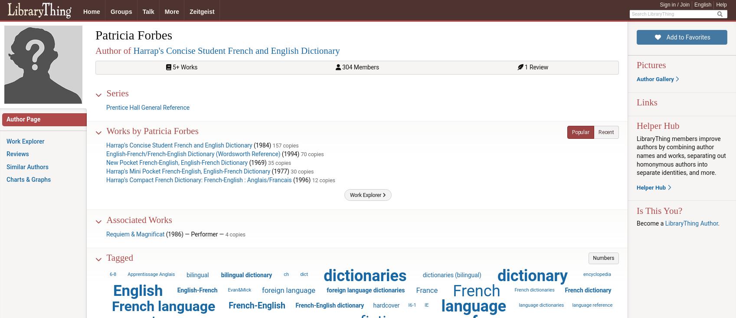 The height and width of the screenshot is (318, 736). Describe the element at coordinates (718, 223) in the screenshot. I see `'.'` at that location.